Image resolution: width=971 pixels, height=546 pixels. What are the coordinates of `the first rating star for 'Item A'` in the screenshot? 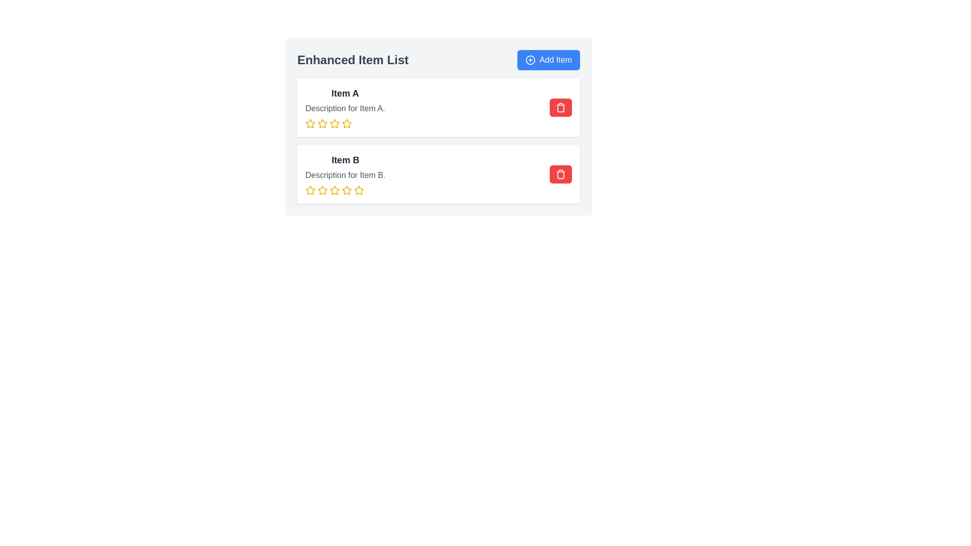 It's located at (310, 123).